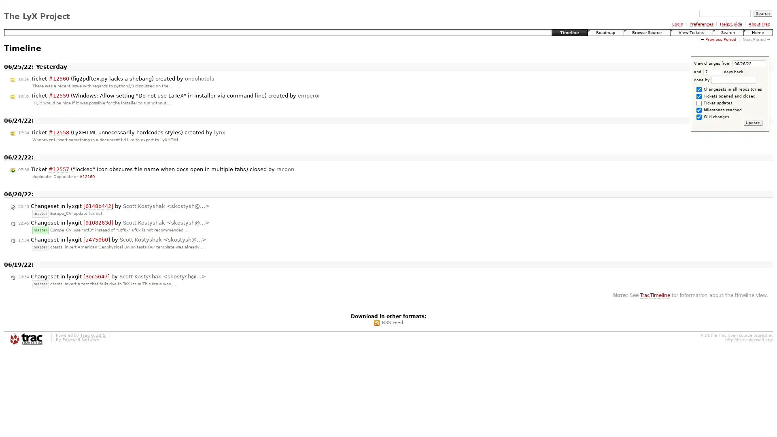 The width and height of the screenshot is (777, 437). Describe the element at coordinates (762, 13) in the screenshot. I see `Search` at that location.